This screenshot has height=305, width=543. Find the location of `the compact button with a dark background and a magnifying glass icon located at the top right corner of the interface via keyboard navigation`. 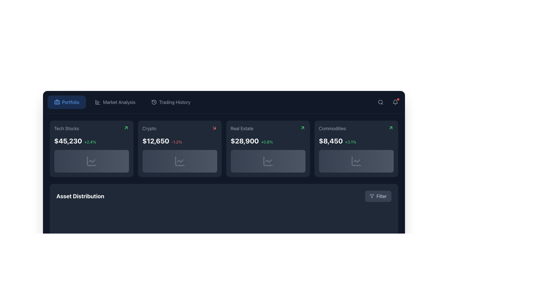

the compact button with a dark background and a magnifying glass icon located at the top right corner of the interface via keyboard navigation is located at coordinates (380, 102).